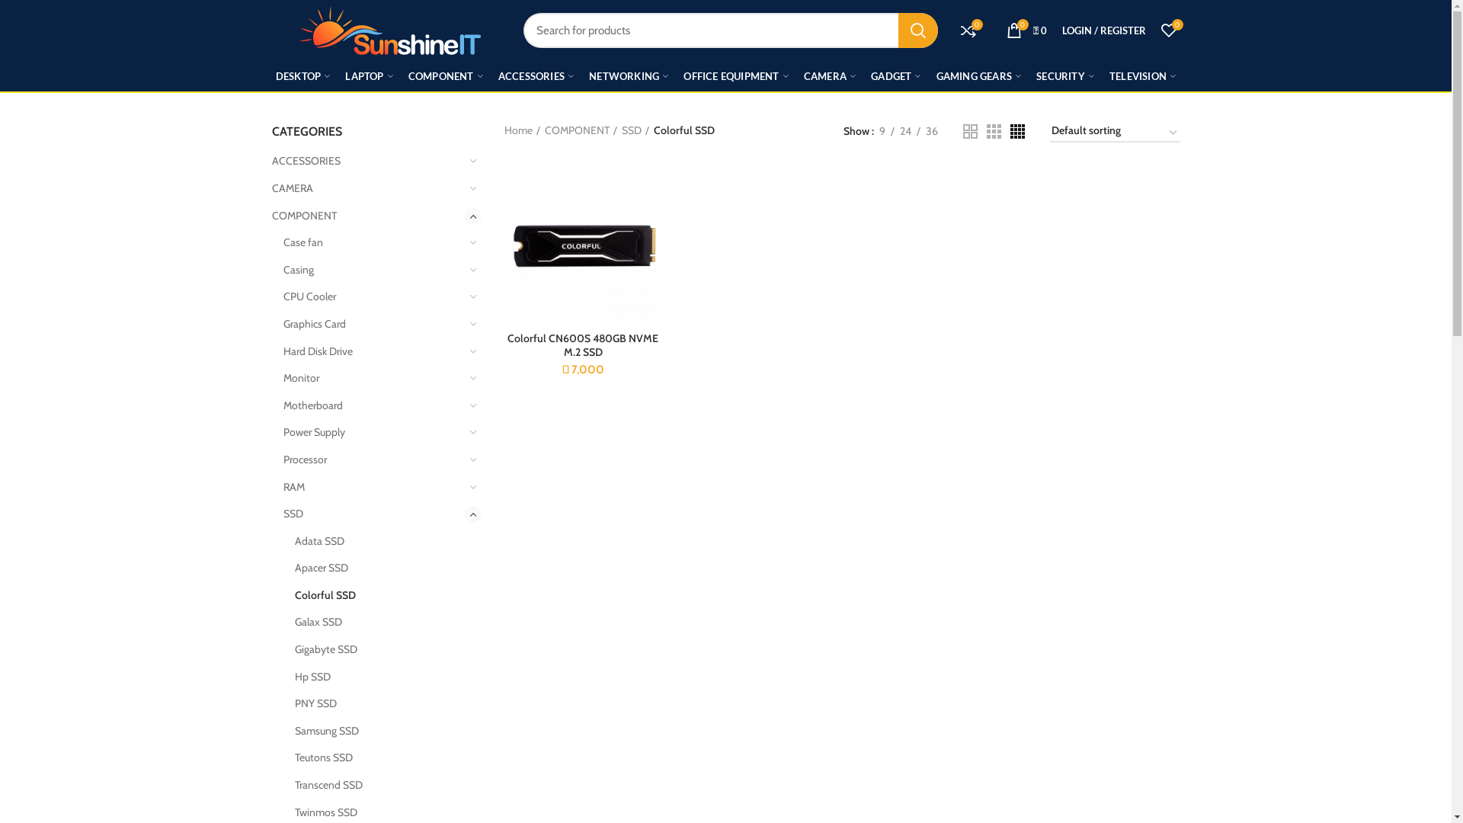 The width and height of the screenshot is (1463, 823). Describe the element at coordinates (283, 352) in the screenshot. I see `'Hard Disk Drive'` at that location.